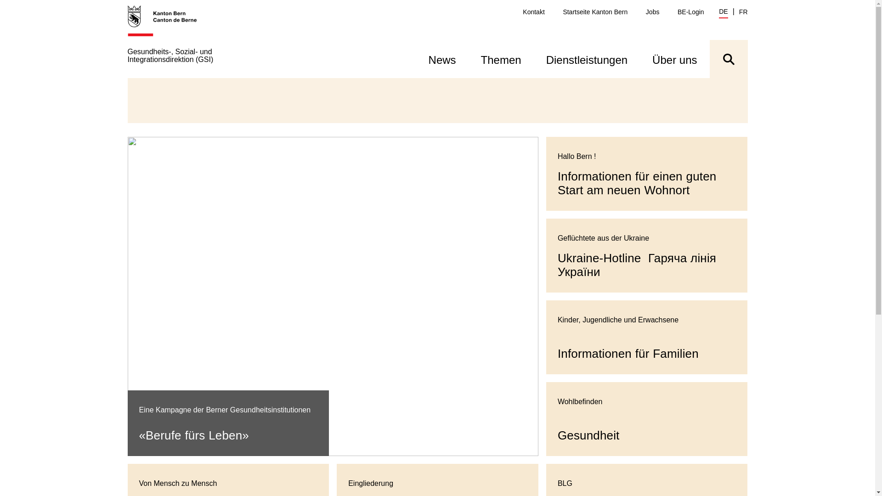 The width and height of the screenshot is (882, 496). I want to click on 'Kontakt', so click(522, 12).